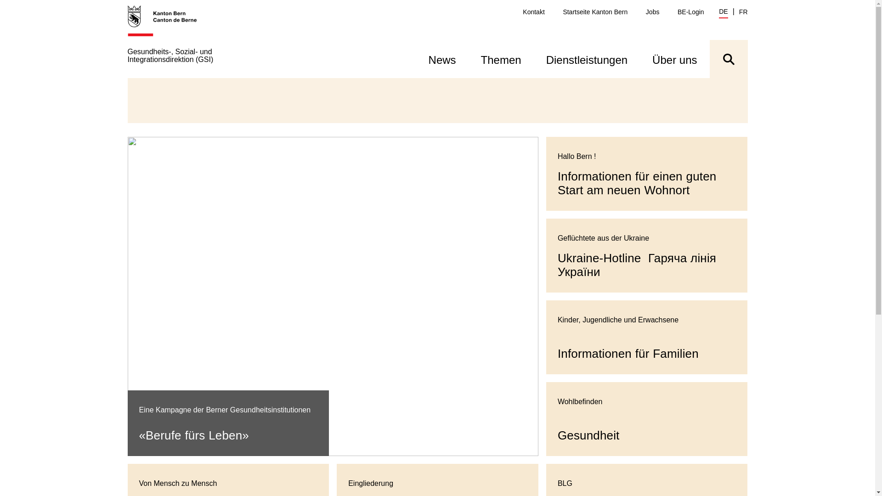 The width and height of the screenshot is (882, 496). I want to click on 'Kontakt', so click(522, 12).